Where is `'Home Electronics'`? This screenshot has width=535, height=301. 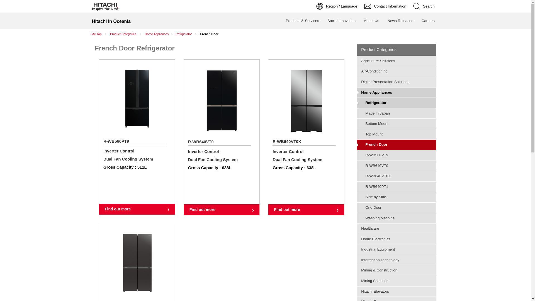 'Home Electronics' is located at coordinates (357, 239).